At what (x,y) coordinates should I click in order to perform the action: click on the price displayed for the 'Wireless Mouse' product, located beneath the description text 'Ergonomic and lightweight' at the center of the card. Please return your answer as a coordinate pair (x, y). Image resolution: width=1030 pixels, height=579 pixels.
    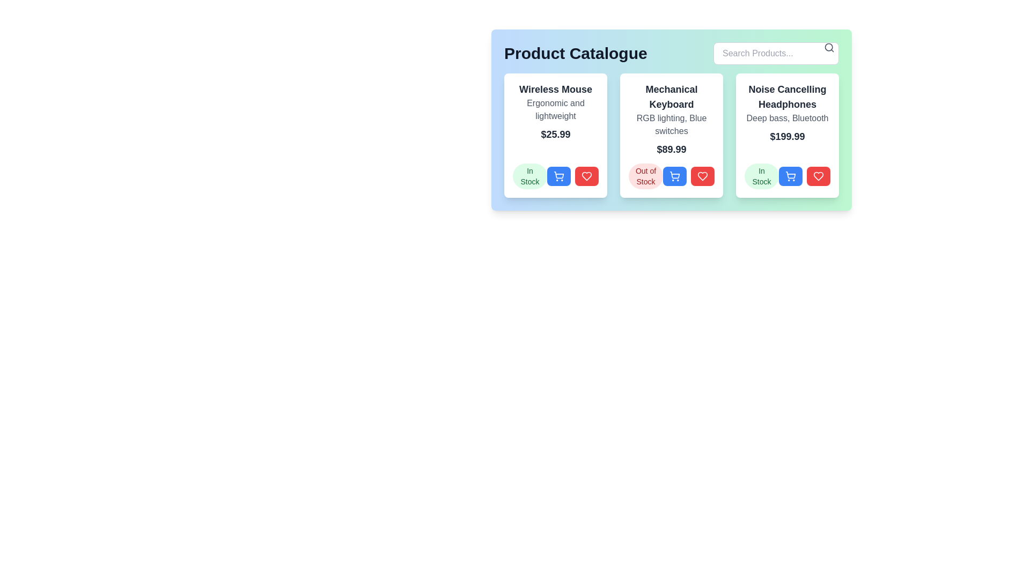
    Looking at the image, I should click on (556, 133).